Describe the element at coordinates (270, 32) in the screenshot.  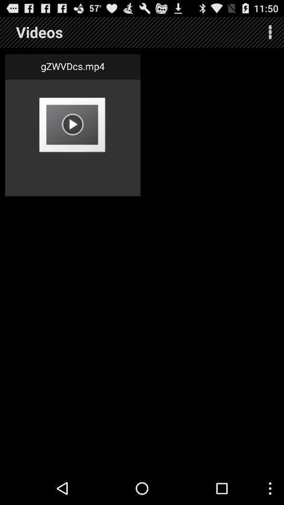
I see `item at the top right corner` at that location.